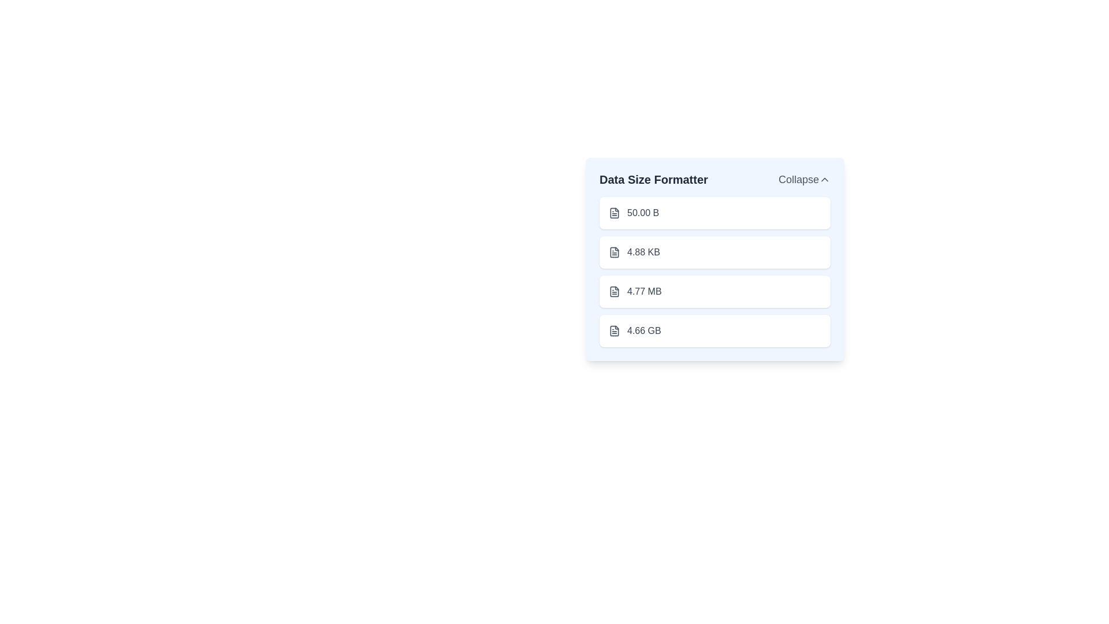  What do you see at coordinates (643, 251) in the screenshot?
I see `the static text label displaying '4.88 KB', which is part of a list of data sizes, and appears in gray font with medium weight` at bounding box center [643, 251].